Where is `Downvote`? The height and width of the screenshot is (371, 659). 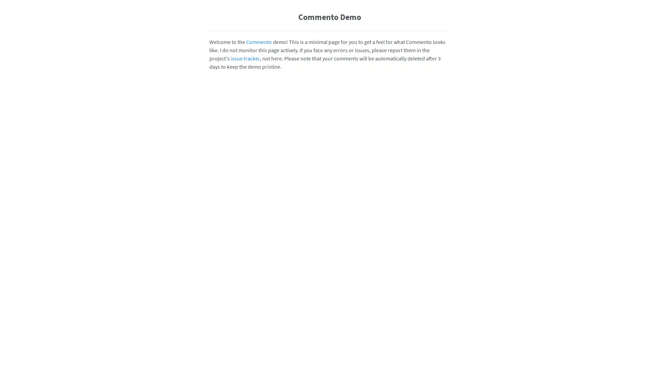 Downvote is located at coordinates (434, 318).